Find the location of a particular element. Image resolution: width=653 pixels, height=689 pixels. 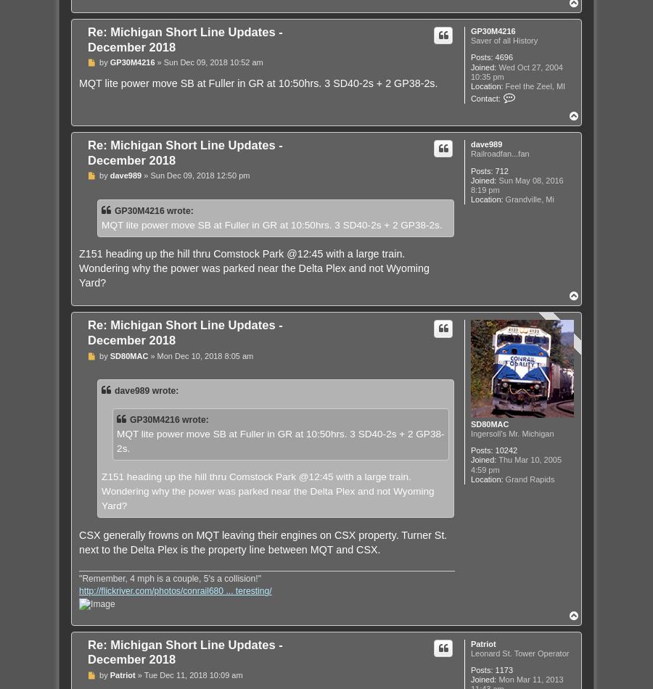

'10242' is located at coordinates (505, 450).